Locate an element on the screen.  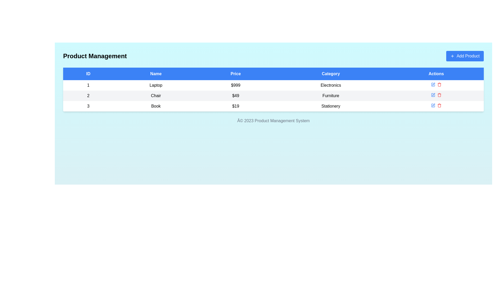
the edit icon, which is an outlined square with rounded corners and a pen overlapping its edge, located is located at coordinates (433, 105).